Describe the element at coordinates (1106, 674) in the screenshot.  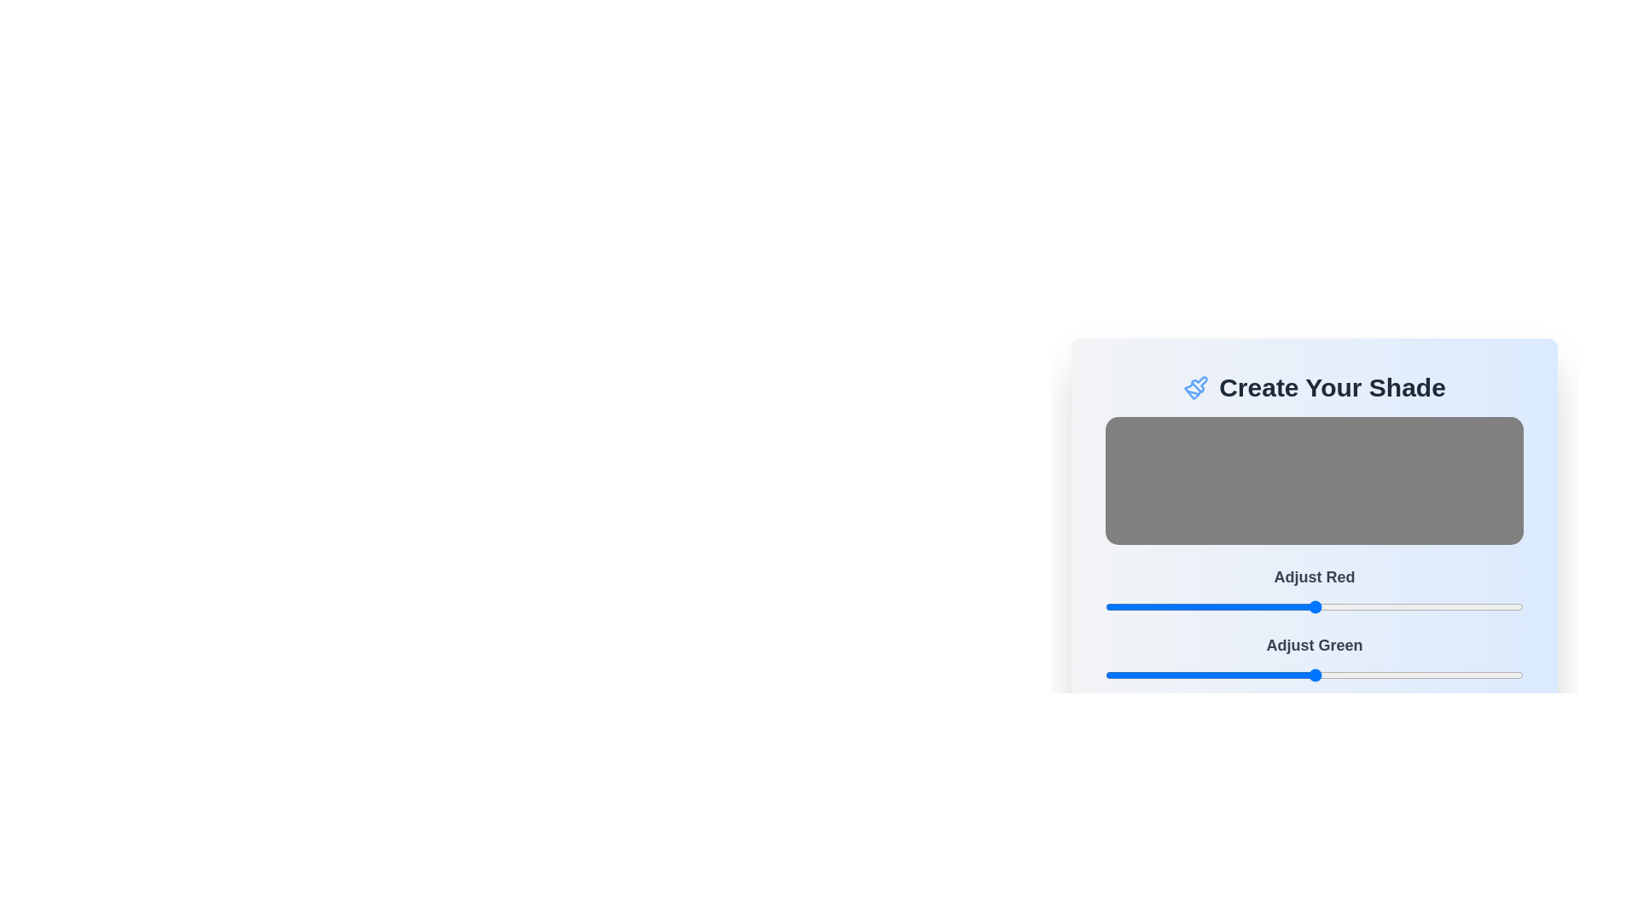
I see `the green color slider to 0` at that location.